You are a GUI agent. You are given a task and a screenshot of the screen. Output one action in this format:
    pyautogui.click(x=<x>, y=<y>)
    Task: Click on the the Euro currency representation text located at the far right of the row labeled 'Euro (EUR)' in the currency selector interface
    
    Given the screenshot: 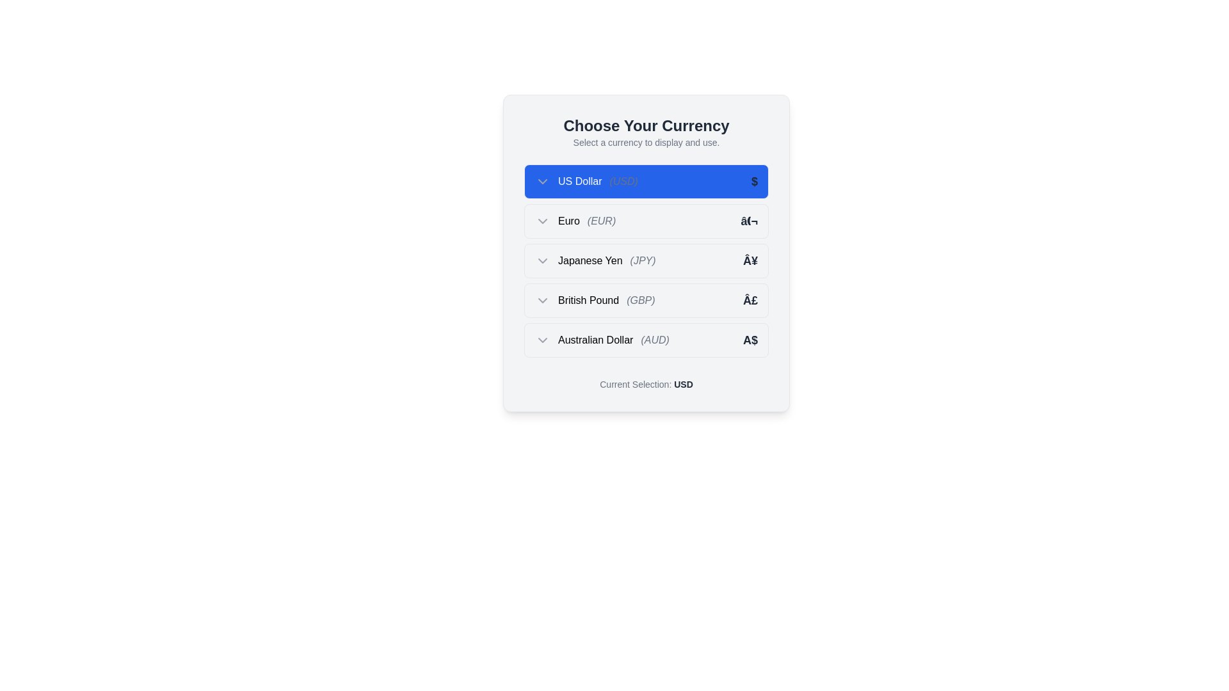 What is the action you would take?
    pyautogui.click(x=749, y=221)
    